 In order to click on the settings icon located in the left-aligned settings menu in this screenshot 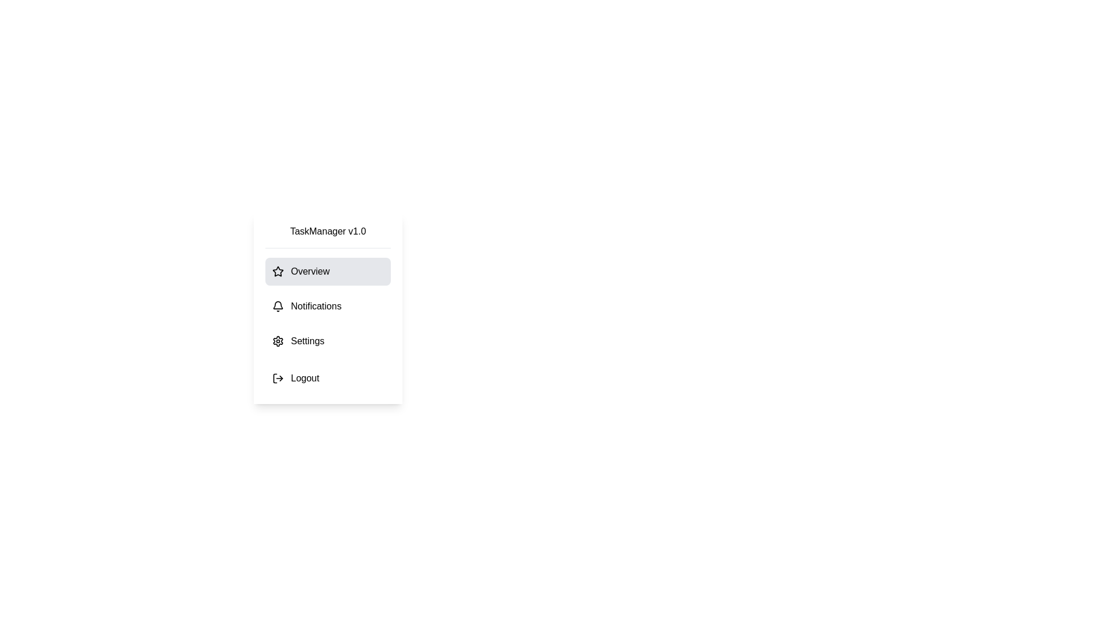, I will do `click(278, 340)`.